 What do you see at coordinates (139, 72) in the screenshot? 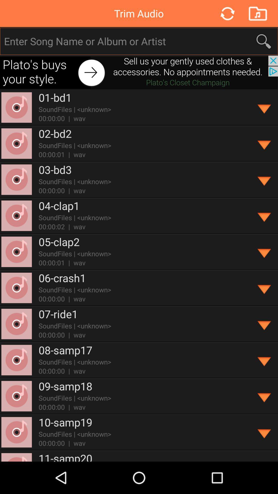
I see `next` at bounding box center [139, 72].